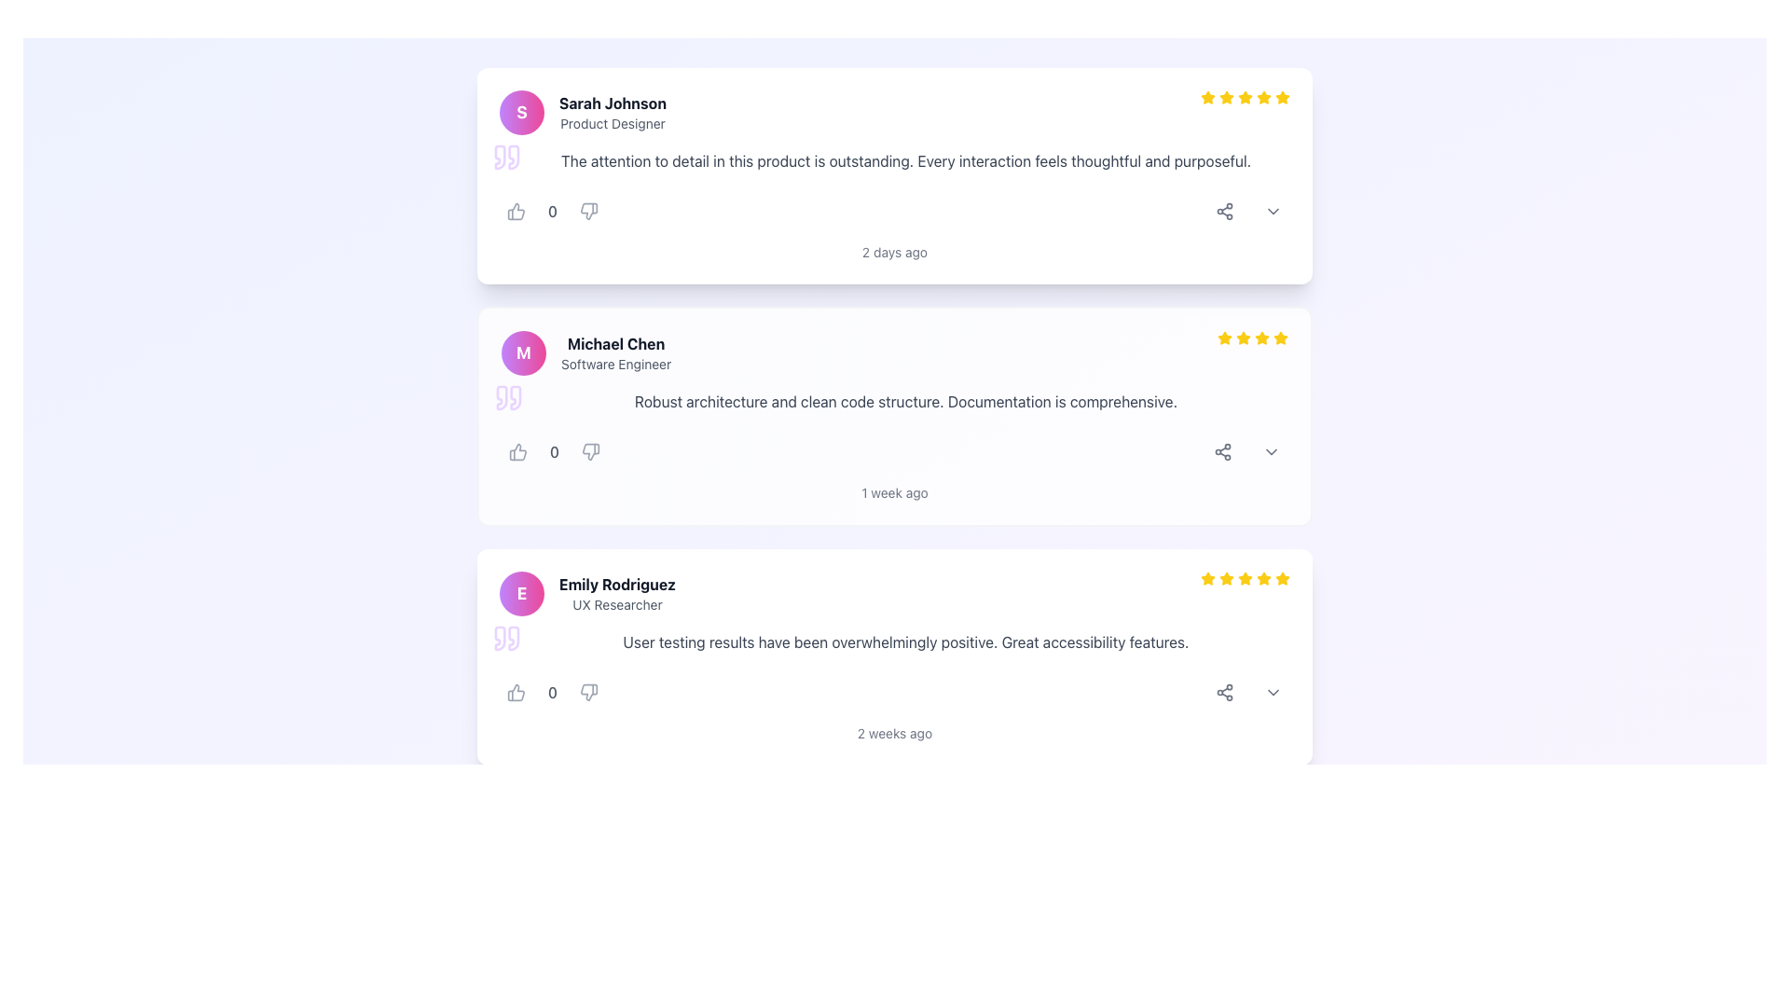 The width and height of the screenshot is (1790, 1007). What do you see at coordinates (1208, 578) in the screenshot?
I see `the star icon representing the first rating level for 'Sarah Johnson' located at the top-right corner of the card` at bounding box center [1208, 578].